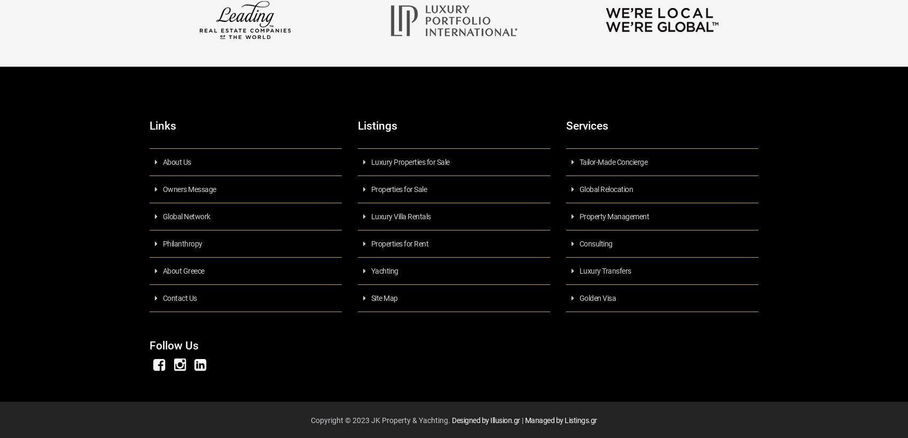  I want to click on 'Contact Us', so click(178, 297).